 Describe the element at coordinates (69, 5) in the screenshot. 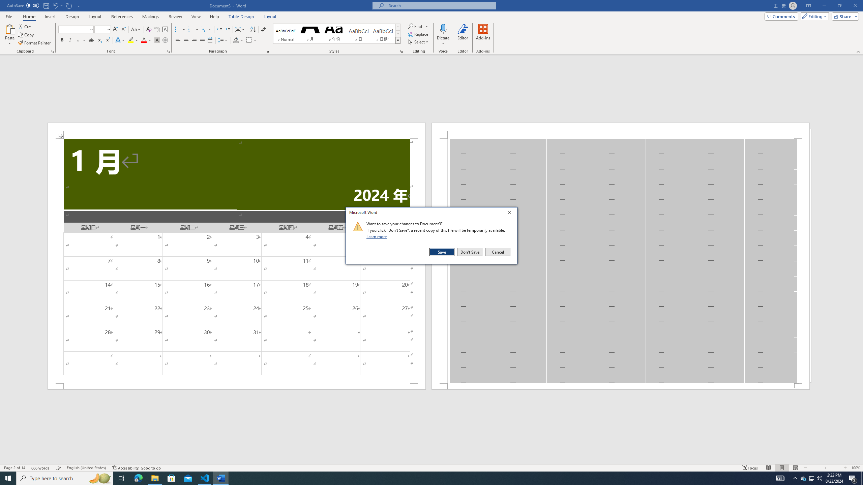

I see `'Repeat Style'` at that location.